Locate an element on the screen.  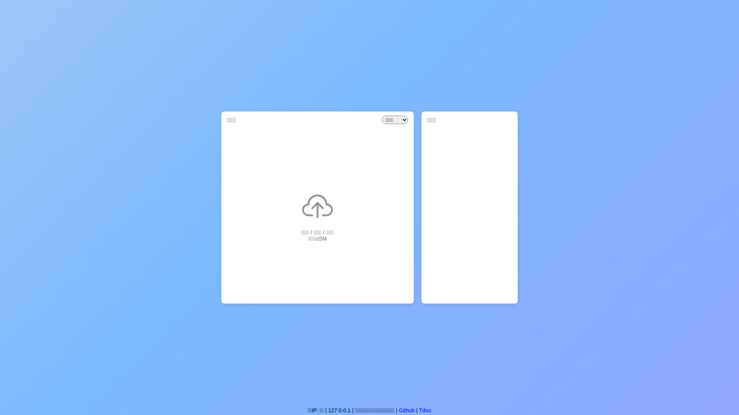
'Tdou' is located at coordinates (418, 410).